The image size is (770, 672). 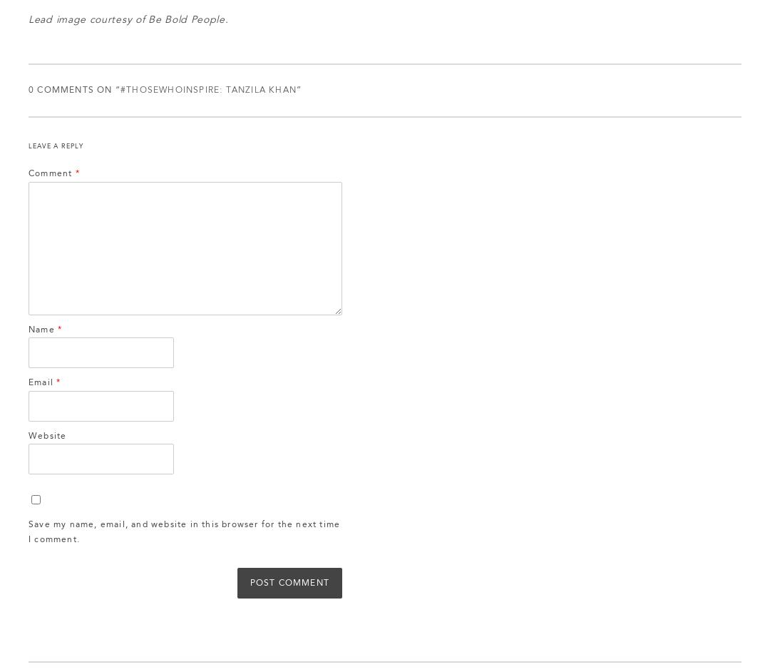 I want to click on '#THOSEWHOINSPIRE: TANZILA KHAN', so click(x=120, y=90).